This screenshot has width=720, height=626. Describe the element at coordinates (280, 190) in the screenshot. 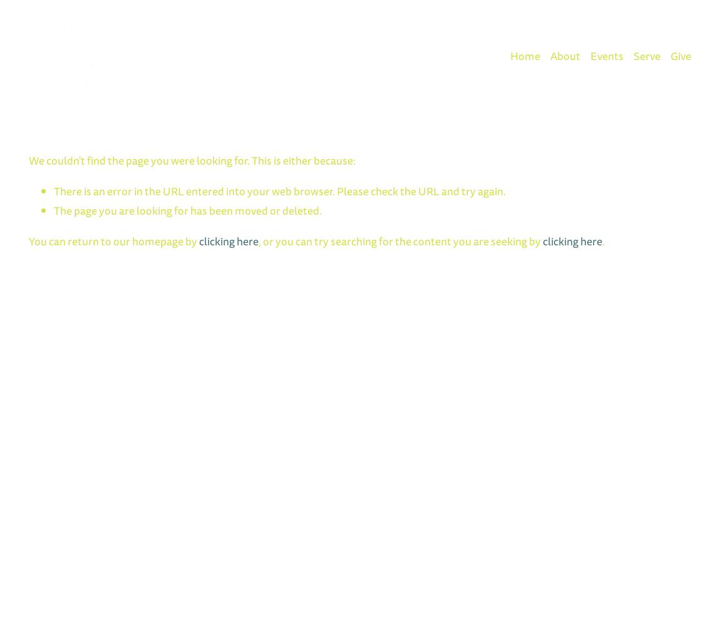

I see `'There is an error in the URL entered into your web browser. Please check the URL and try again.'` at that location.